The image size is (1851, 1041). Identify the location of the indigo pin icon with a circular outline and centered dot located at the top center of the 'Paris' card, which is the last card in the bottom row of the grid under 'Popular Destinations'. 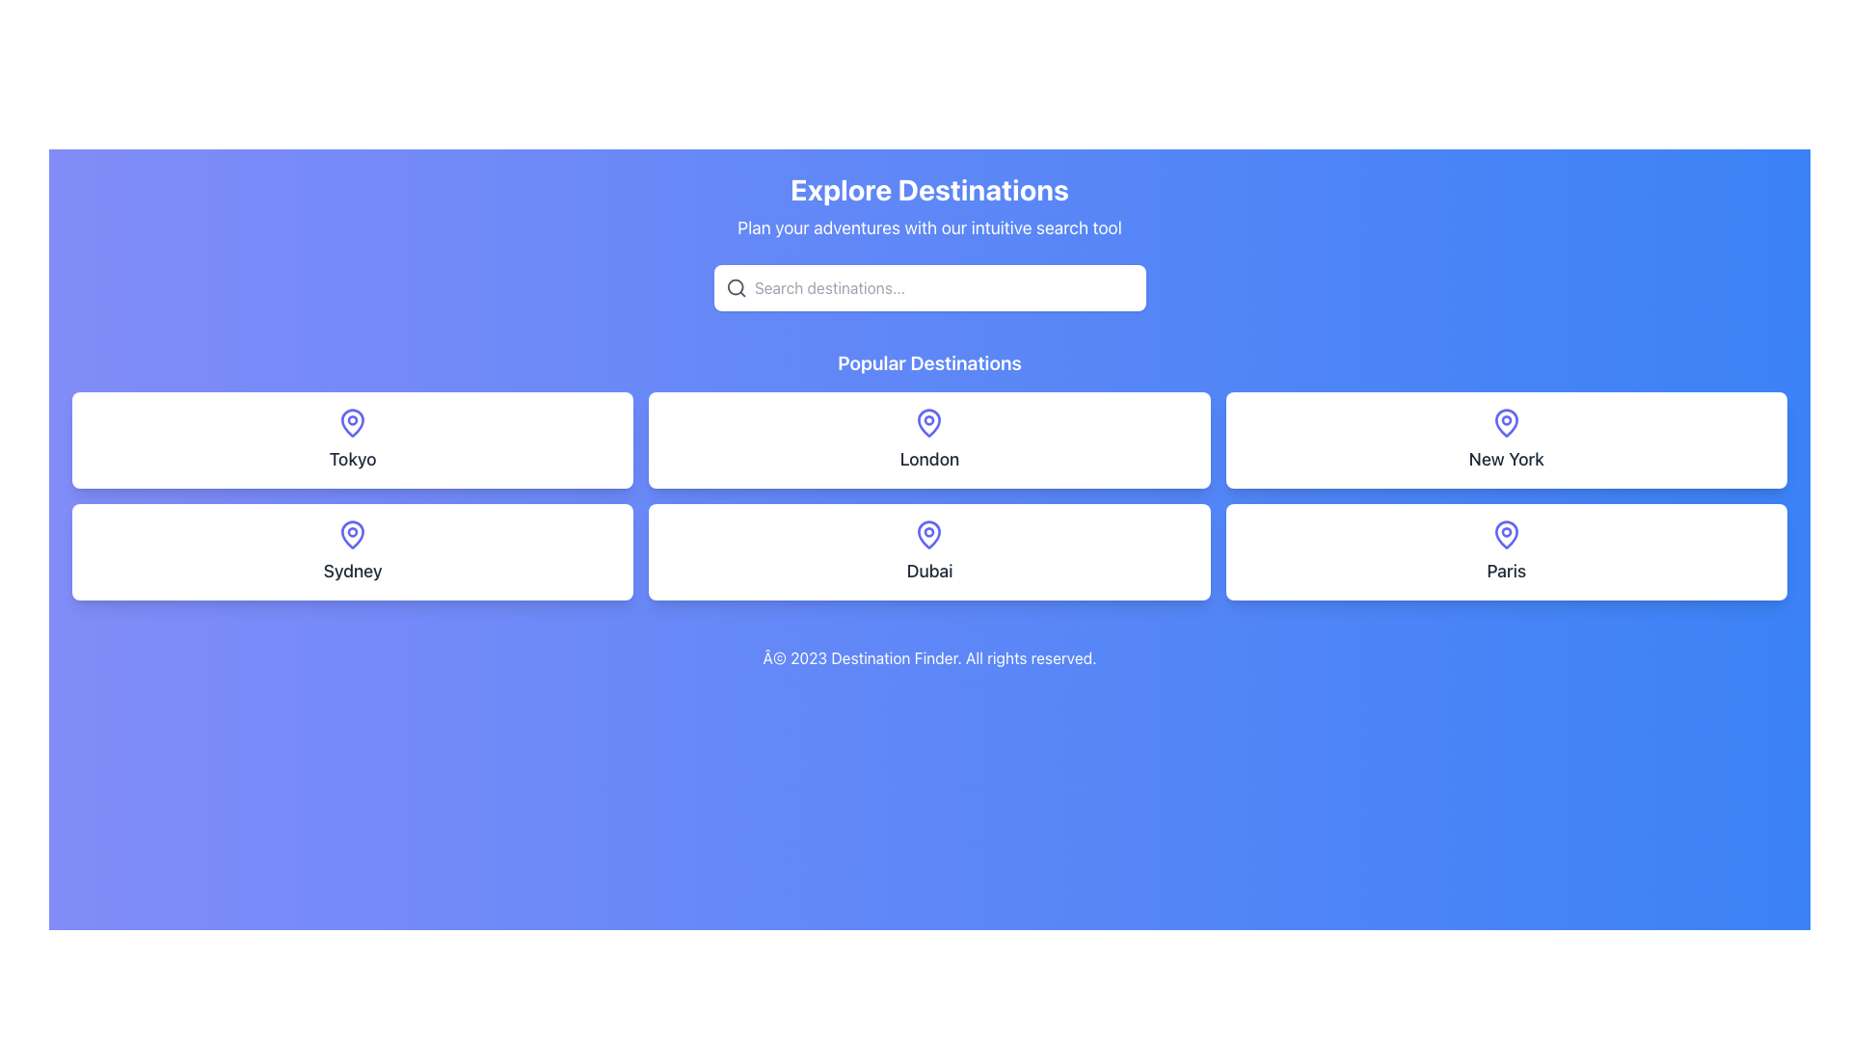
(1505, 535).